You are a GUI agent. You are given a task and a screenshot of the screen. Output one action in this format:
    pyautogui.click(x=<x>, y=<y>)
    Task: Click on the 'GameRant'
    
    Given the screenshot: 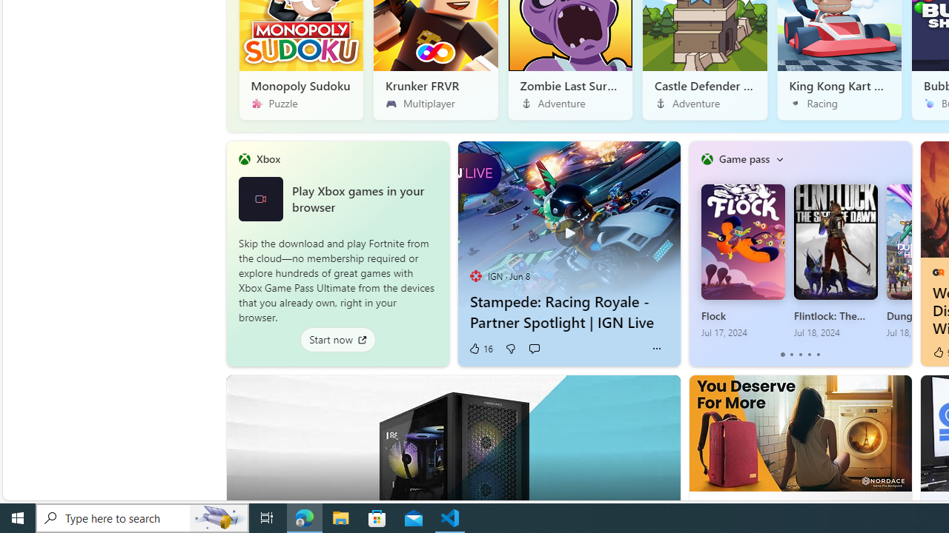 What is the action you would take?
    pyautogui.click(x=937, y=272)
    